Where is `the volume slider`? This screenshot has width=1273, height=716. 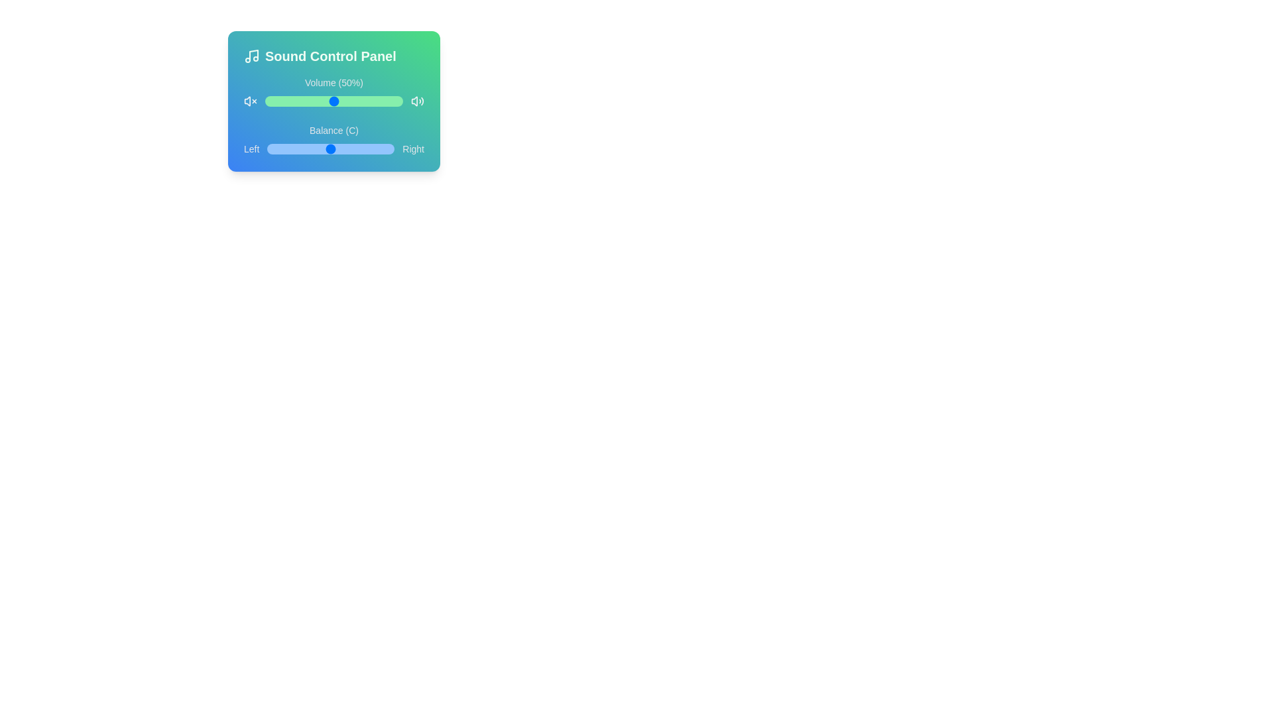 the volume slider is located at coordinates (273, 101).